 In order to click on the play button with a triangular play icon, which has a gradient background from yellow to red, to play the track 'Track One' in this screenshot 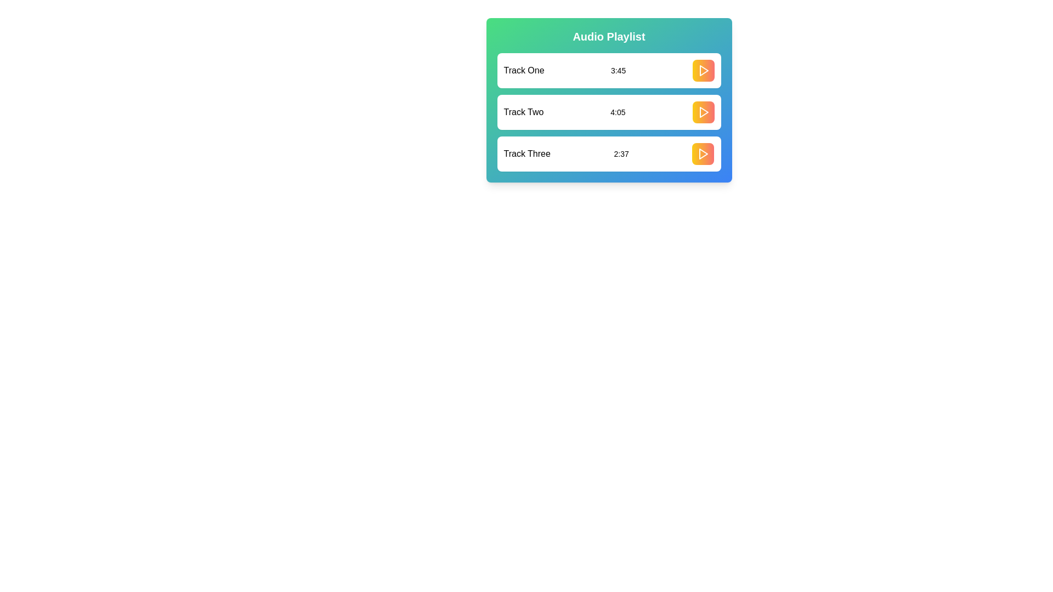, I will do `click(703, 70)`.